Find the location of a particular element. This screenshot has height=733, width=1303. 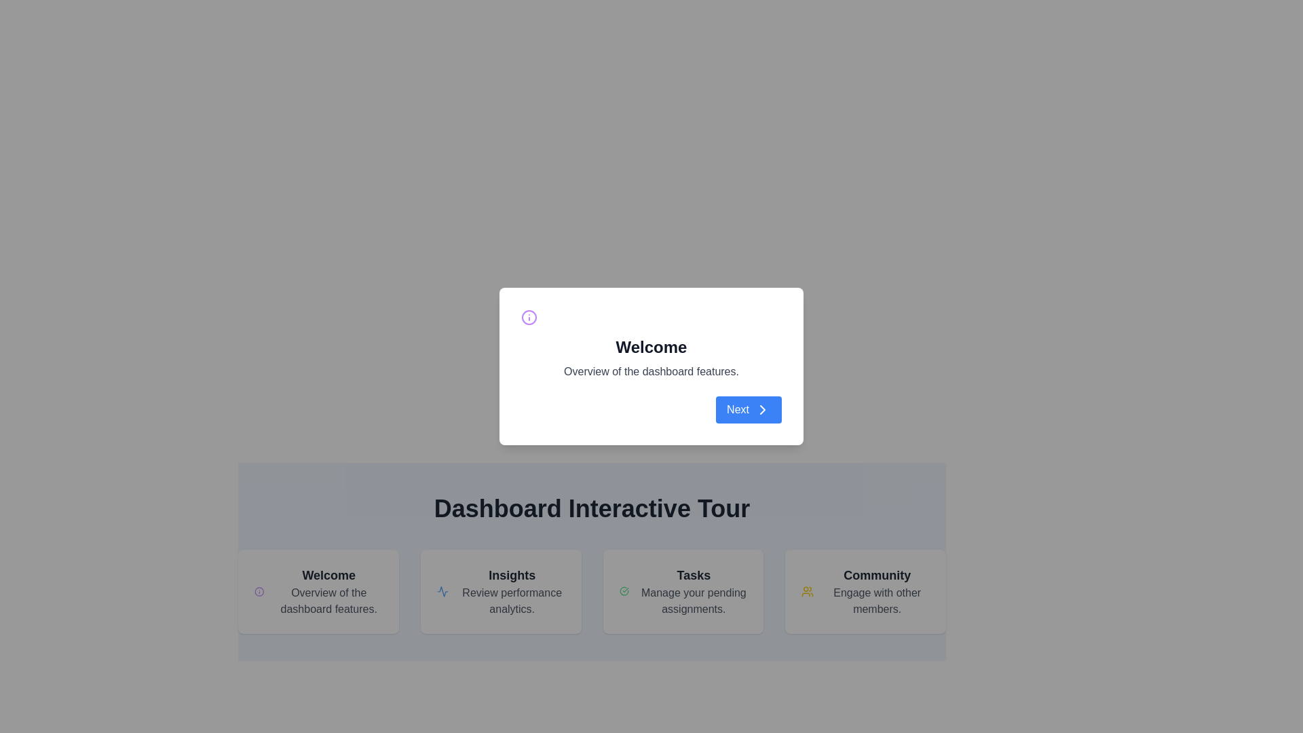

the descriptive label providing context for the 'Insights' section, which is located directly beneath the 'Insights' heading is located at coordinates (511, 601).